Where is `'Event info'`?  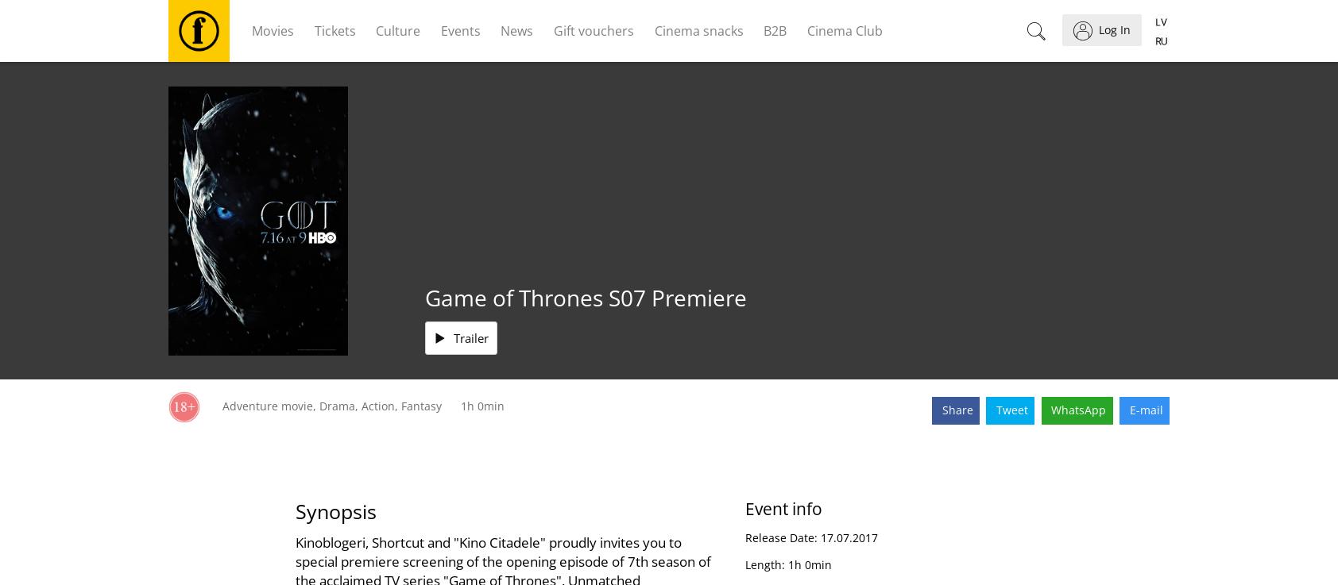 'Event info' is located at coordinates (782, 508).